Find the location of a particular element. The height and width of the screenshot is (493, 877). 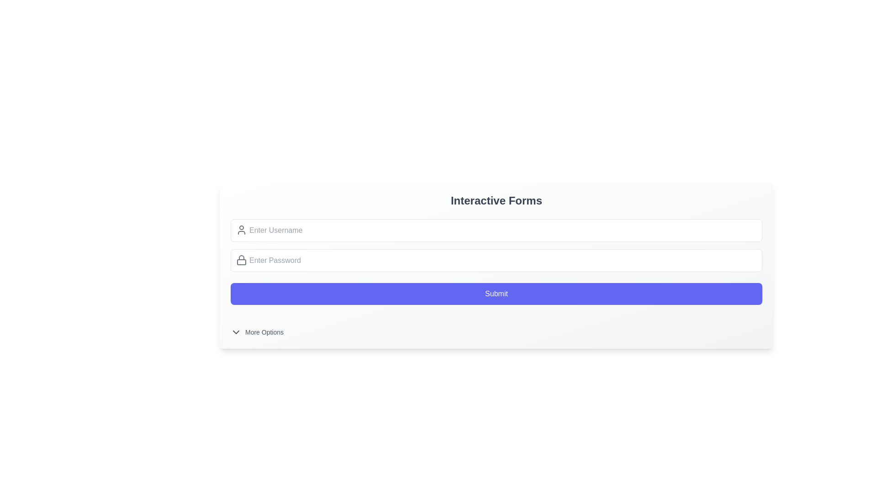

the title text label at the top-center of the form card, which serves as a heading for the contained elements below is located at coordinates (496, 200).